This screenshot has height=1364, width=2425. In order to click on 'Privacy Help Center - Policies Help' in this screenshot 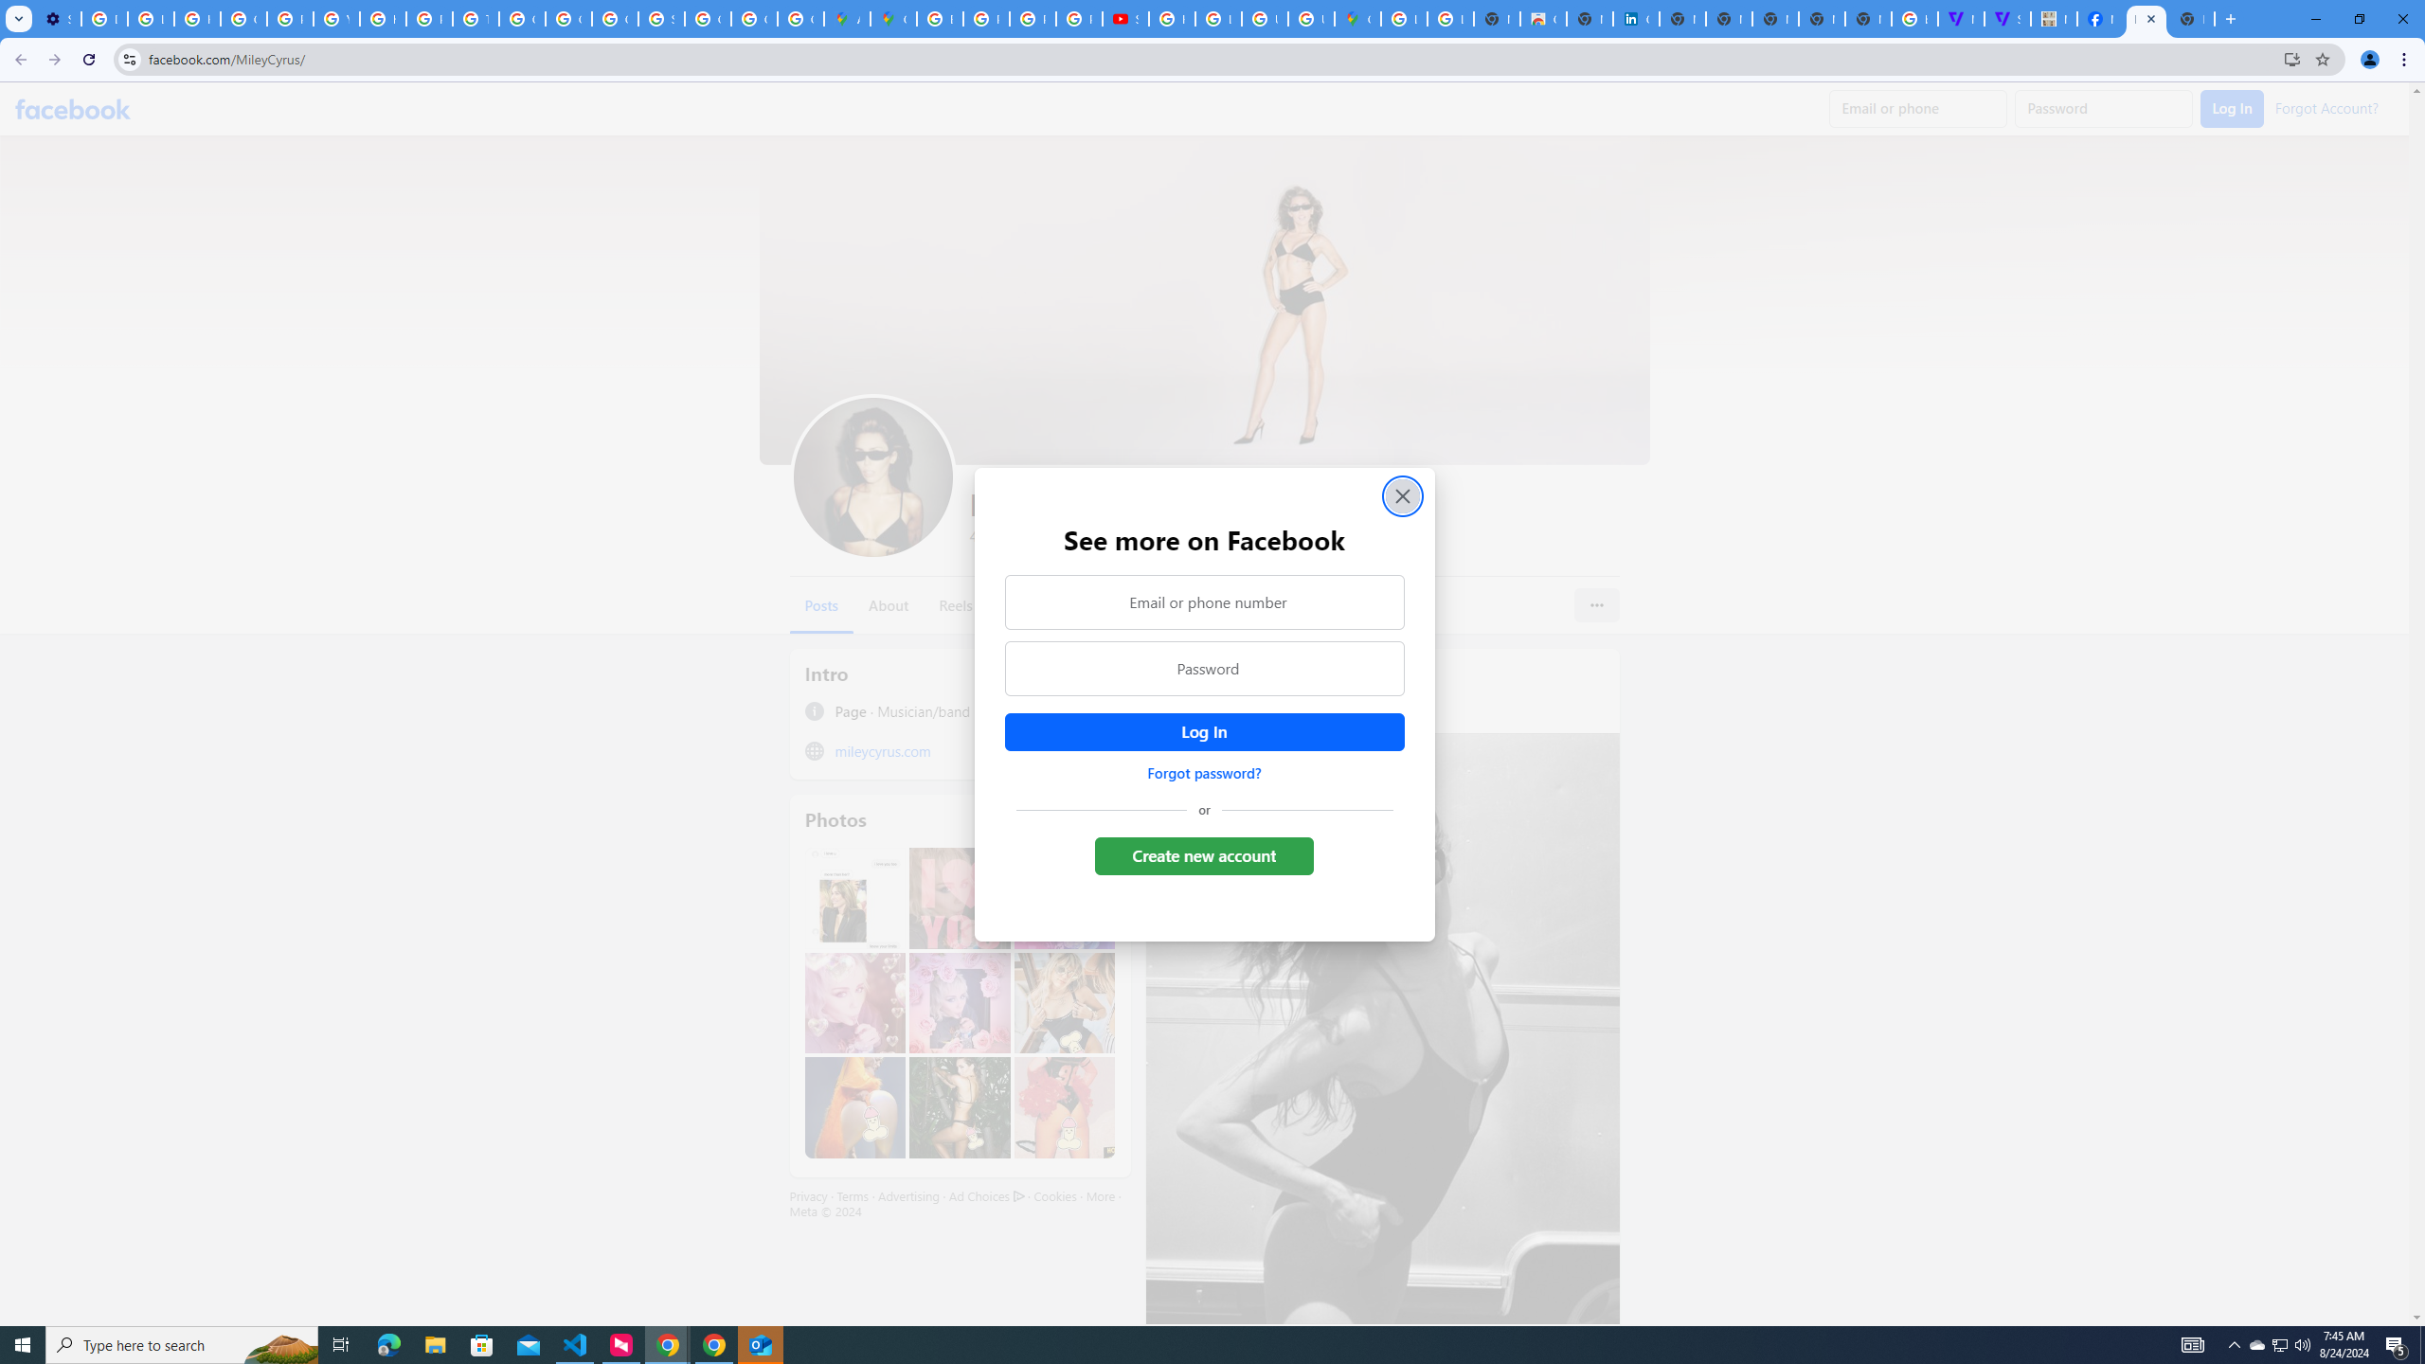, I will do `click(428, 18)`.